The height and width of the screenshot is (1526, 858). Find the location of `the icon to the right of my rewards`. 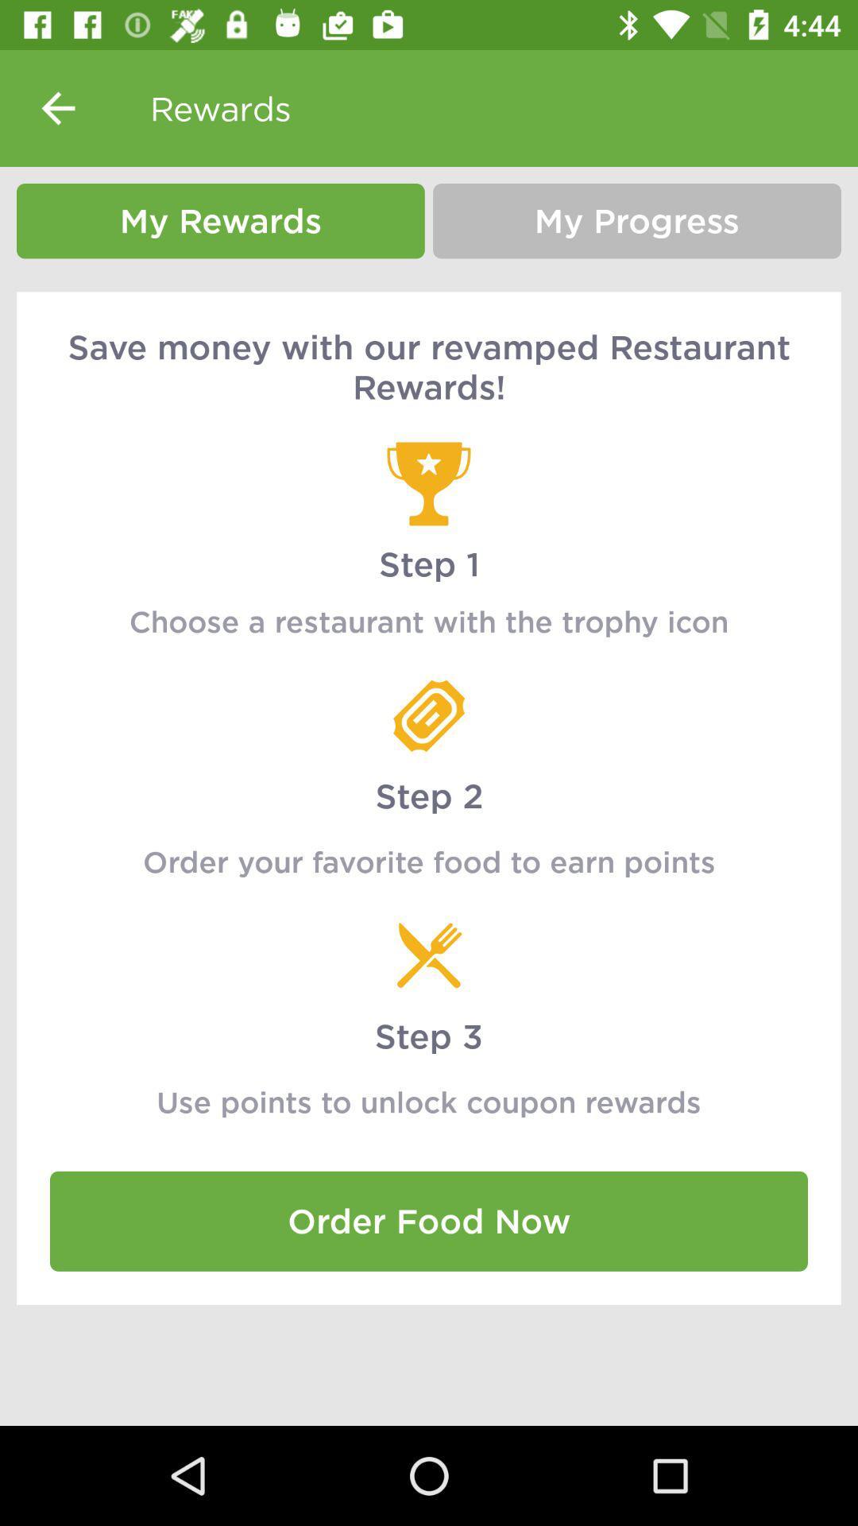

the icon to the right of my rewards is located at coordinates (636, 220).